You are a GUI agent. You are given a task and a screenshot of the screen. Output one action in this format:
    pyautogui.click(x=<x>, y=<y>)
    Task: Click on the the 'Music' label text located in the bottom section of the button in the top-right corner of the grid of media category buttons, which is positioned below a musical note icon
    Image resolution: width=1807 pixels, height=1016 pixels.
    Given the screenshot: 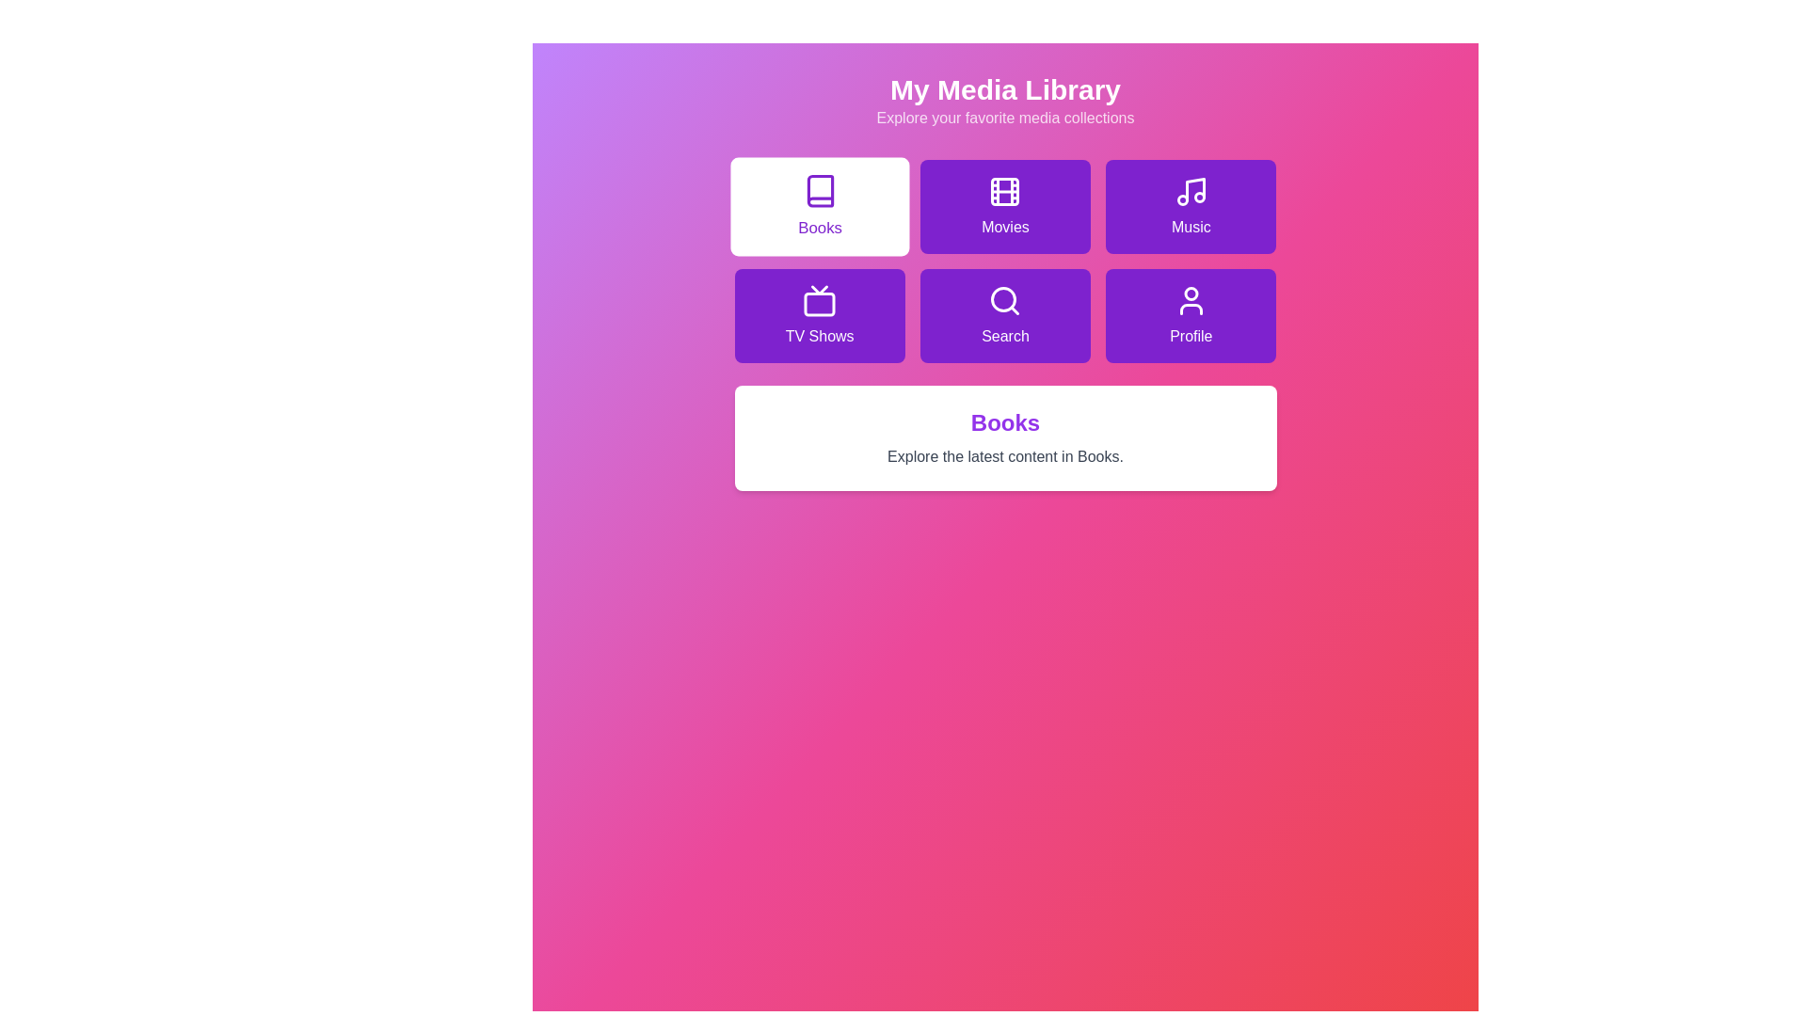 What is the action you would take?
    pyautogui.click(x=1190, y=227)
    